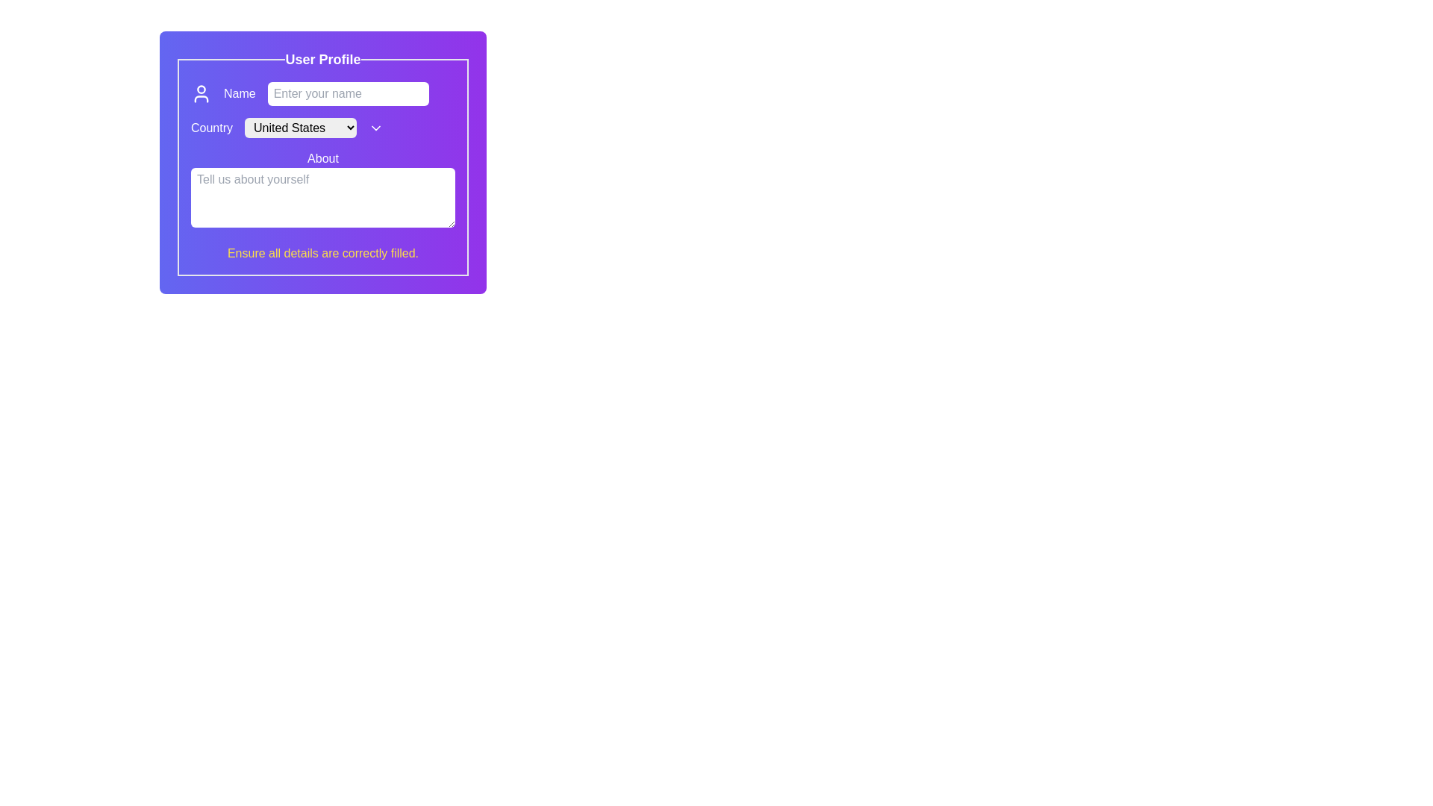 Image resolution: width=1433 pixels, height=806 pixels. I want to click on the chevron icon next to the 'Country' dropdown menu, so click(376, 127).